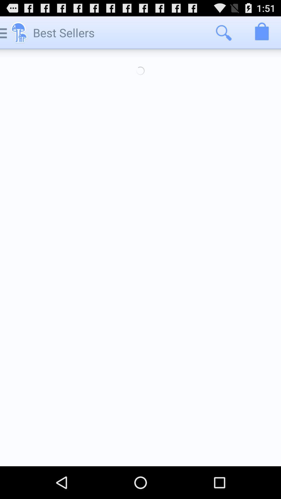 The height and width of the screenshot is (499, 281). What do you see at coordinates (223, 32) in the screenshot?
I see `the icon to the right of best sellers icon` at bounding box center [223, 32].